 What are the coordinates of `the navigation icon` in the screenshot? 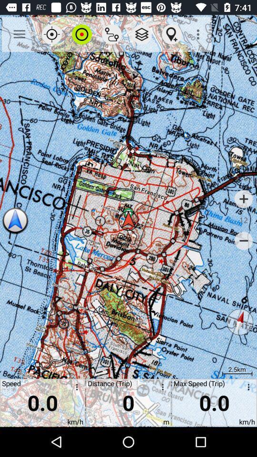 It's located at (15, 221).